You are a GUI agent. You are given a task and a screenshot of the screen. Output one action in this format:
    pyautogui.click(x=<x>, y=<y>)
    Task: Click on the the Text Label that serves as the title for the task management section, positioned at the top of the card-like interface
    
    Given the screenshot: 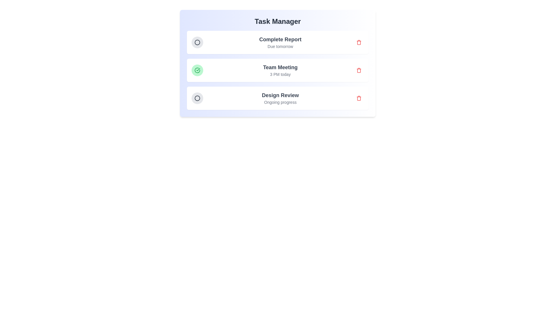 What is the action you would take?
    pyautogui.click(x=277, y=21)
    